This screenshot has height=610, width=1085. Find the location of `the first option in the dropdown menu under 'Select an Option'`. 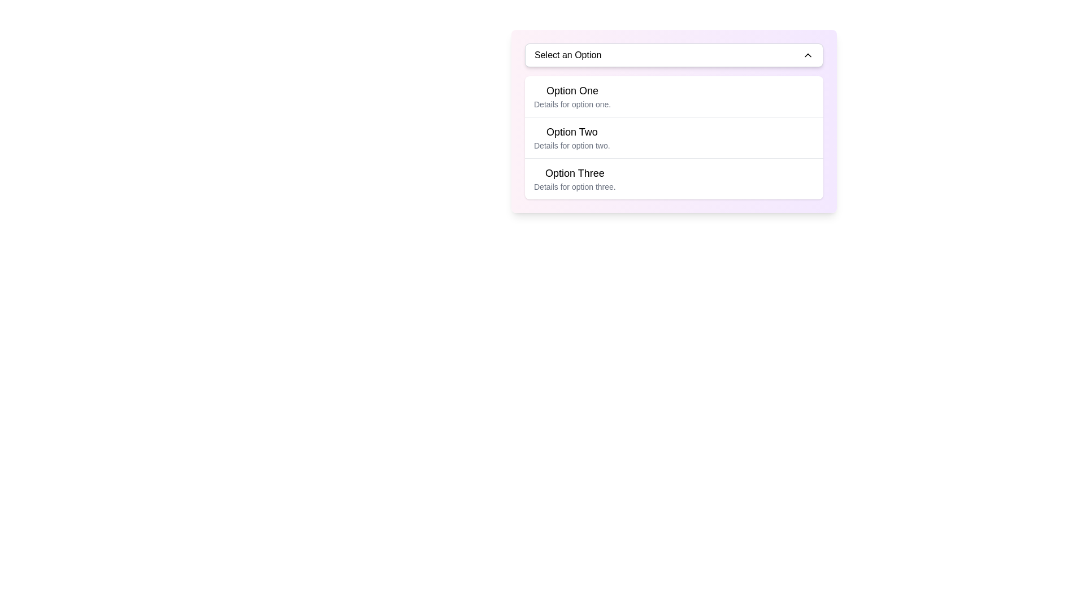

the first option in the dropdown menu under 'Select an Option' is located at coordinates (572, 95).